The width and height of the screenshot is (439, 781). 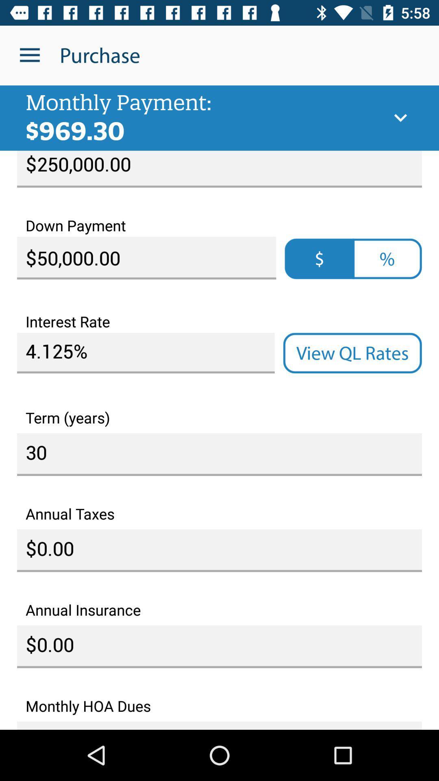 What do you see at coordinates (352, 353) in the screenshot?
I see `item on the right` at bounding box center [352, 353].